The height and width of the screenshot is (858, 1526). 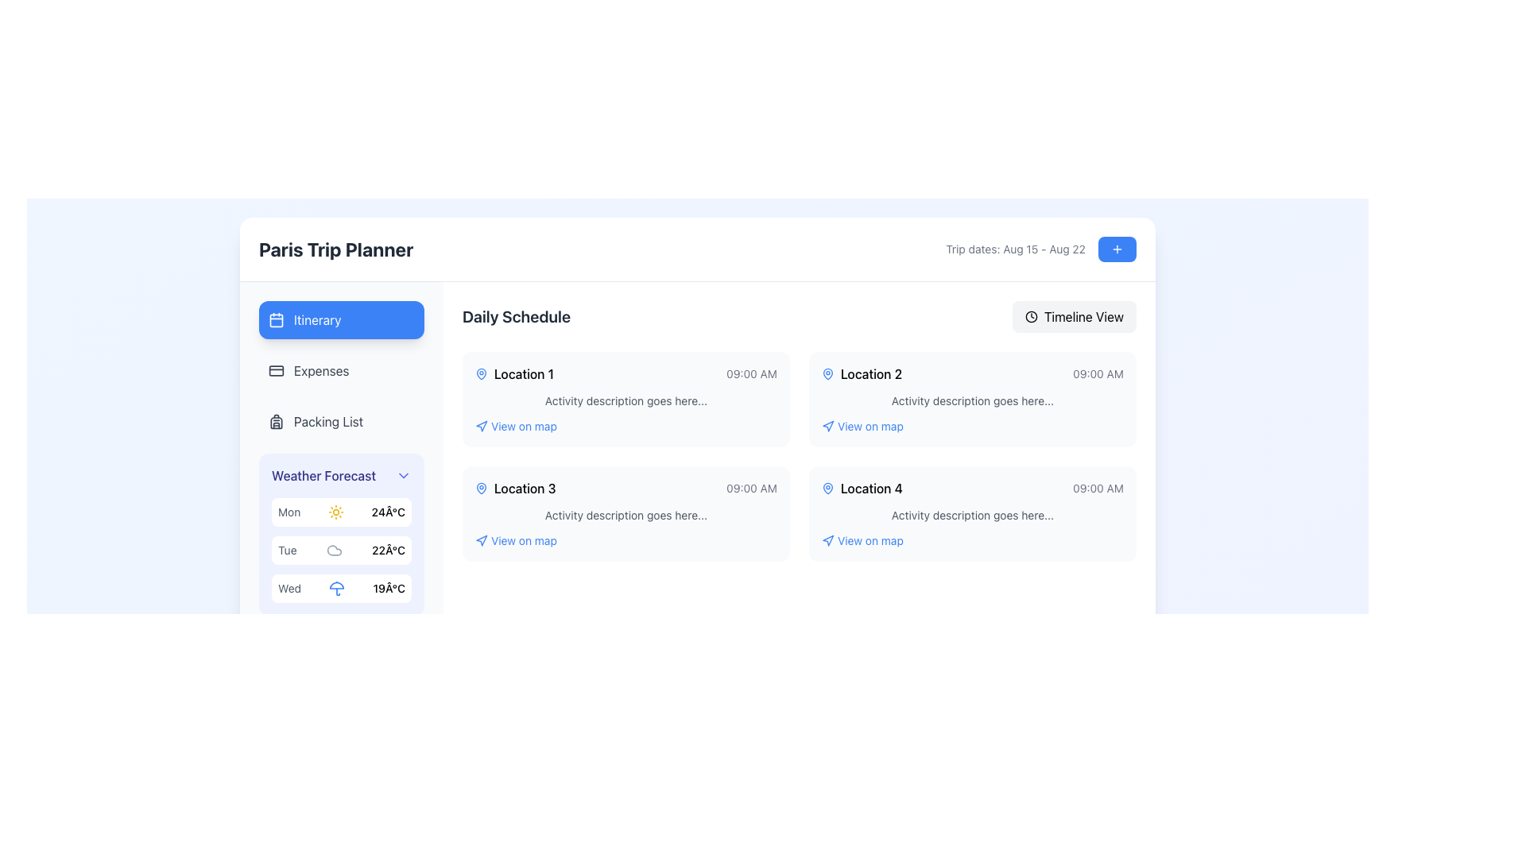 I want to click on the Text label displaying '24°C' in the weather forecast section, located under 'Mon' and to the right of the sun icon, so click(x=388, y=512).